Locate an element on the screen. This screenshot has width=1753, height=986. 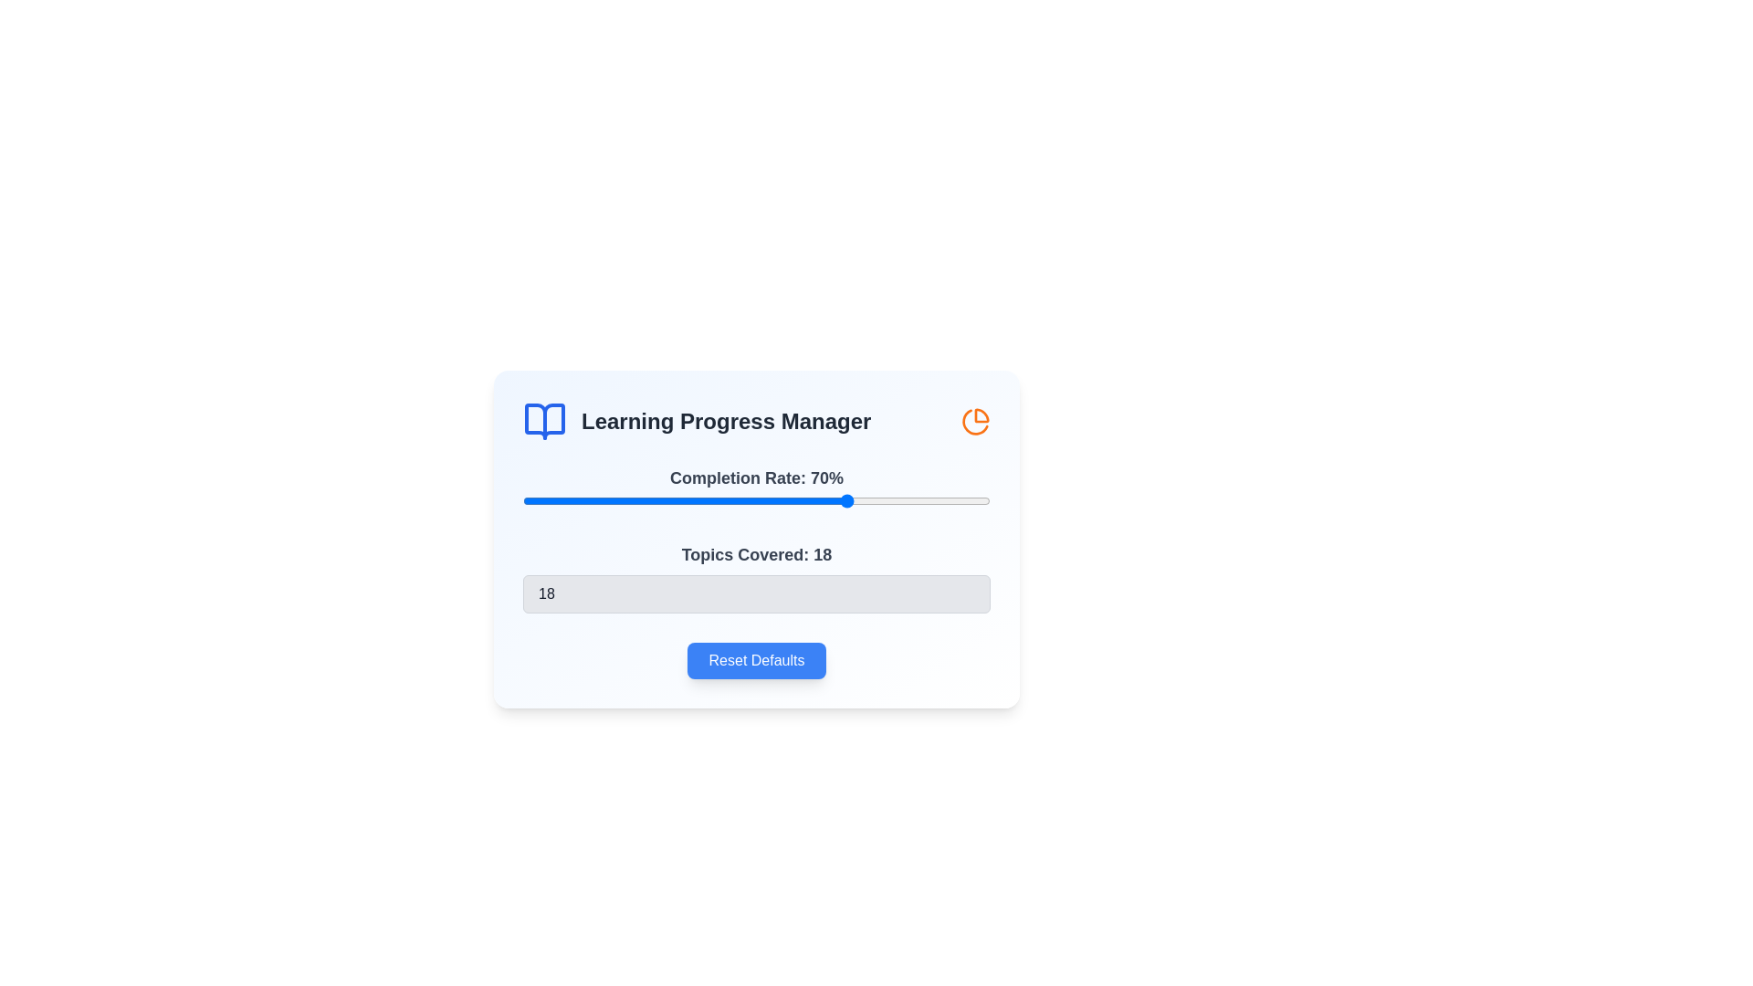
the number of topics covered to 6 by entering the value in the input box is located at coordinates (757, 594).